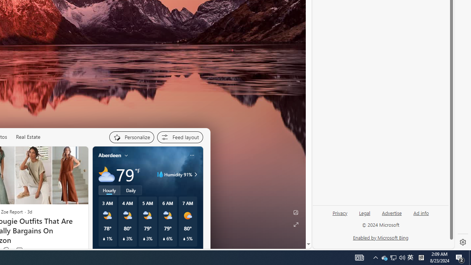  I want to click on 'Feed settings', so click(180, 137).